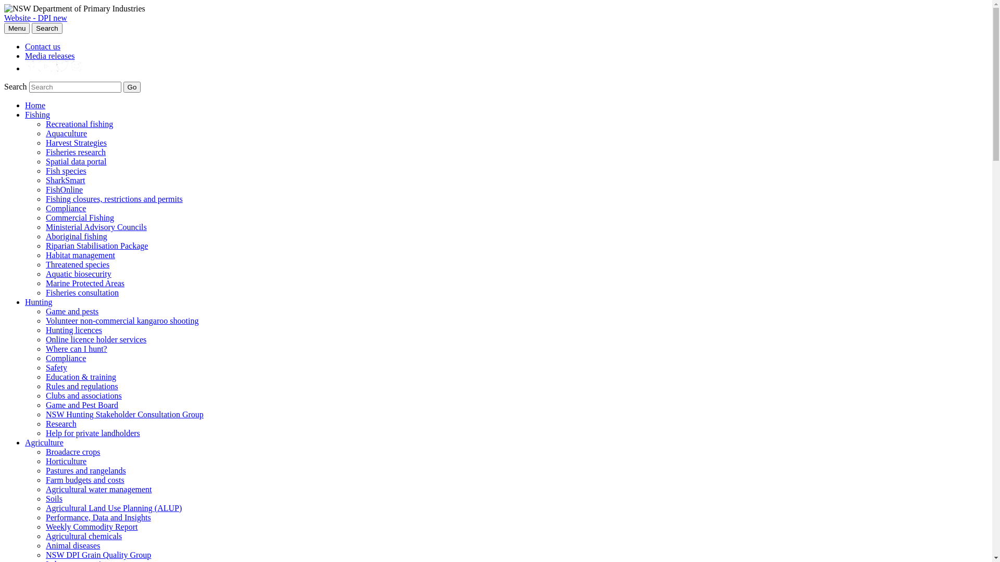  What do you see at coordinates (80, 377) in the screenshot?
I see `'Education & training'` at bounding box center [80, 377].